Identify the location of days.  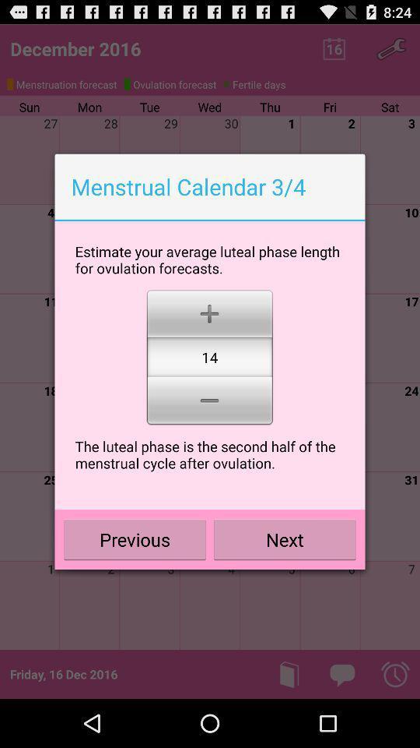
(209, 312).